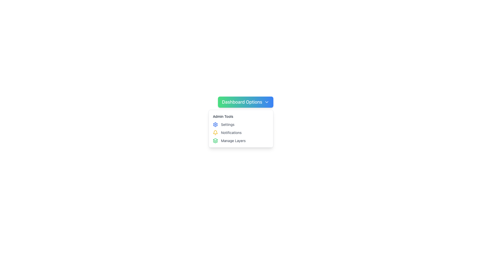  What do you see at coordinates (240, 128) in the screenshot?
I see `any option within the dropdown menu located directly below the 'Dashboard Options' button, which provides access to administrative tools and navigation options` at bounding box center [240, 128].